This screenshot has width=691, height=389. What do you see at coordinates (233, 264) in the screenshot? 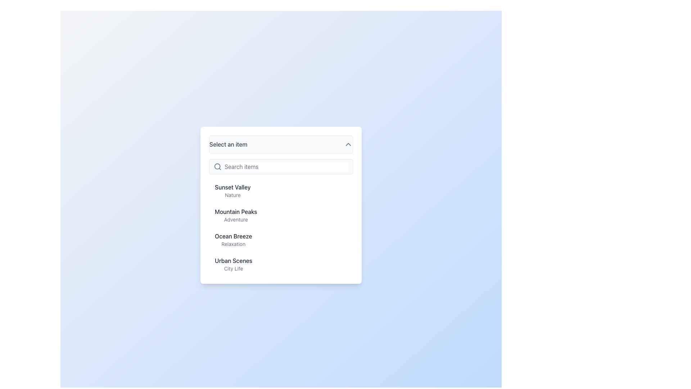
I see `the 'Urban Scenes' static text label in the dropdown menu` at bounding box center [233, 264].